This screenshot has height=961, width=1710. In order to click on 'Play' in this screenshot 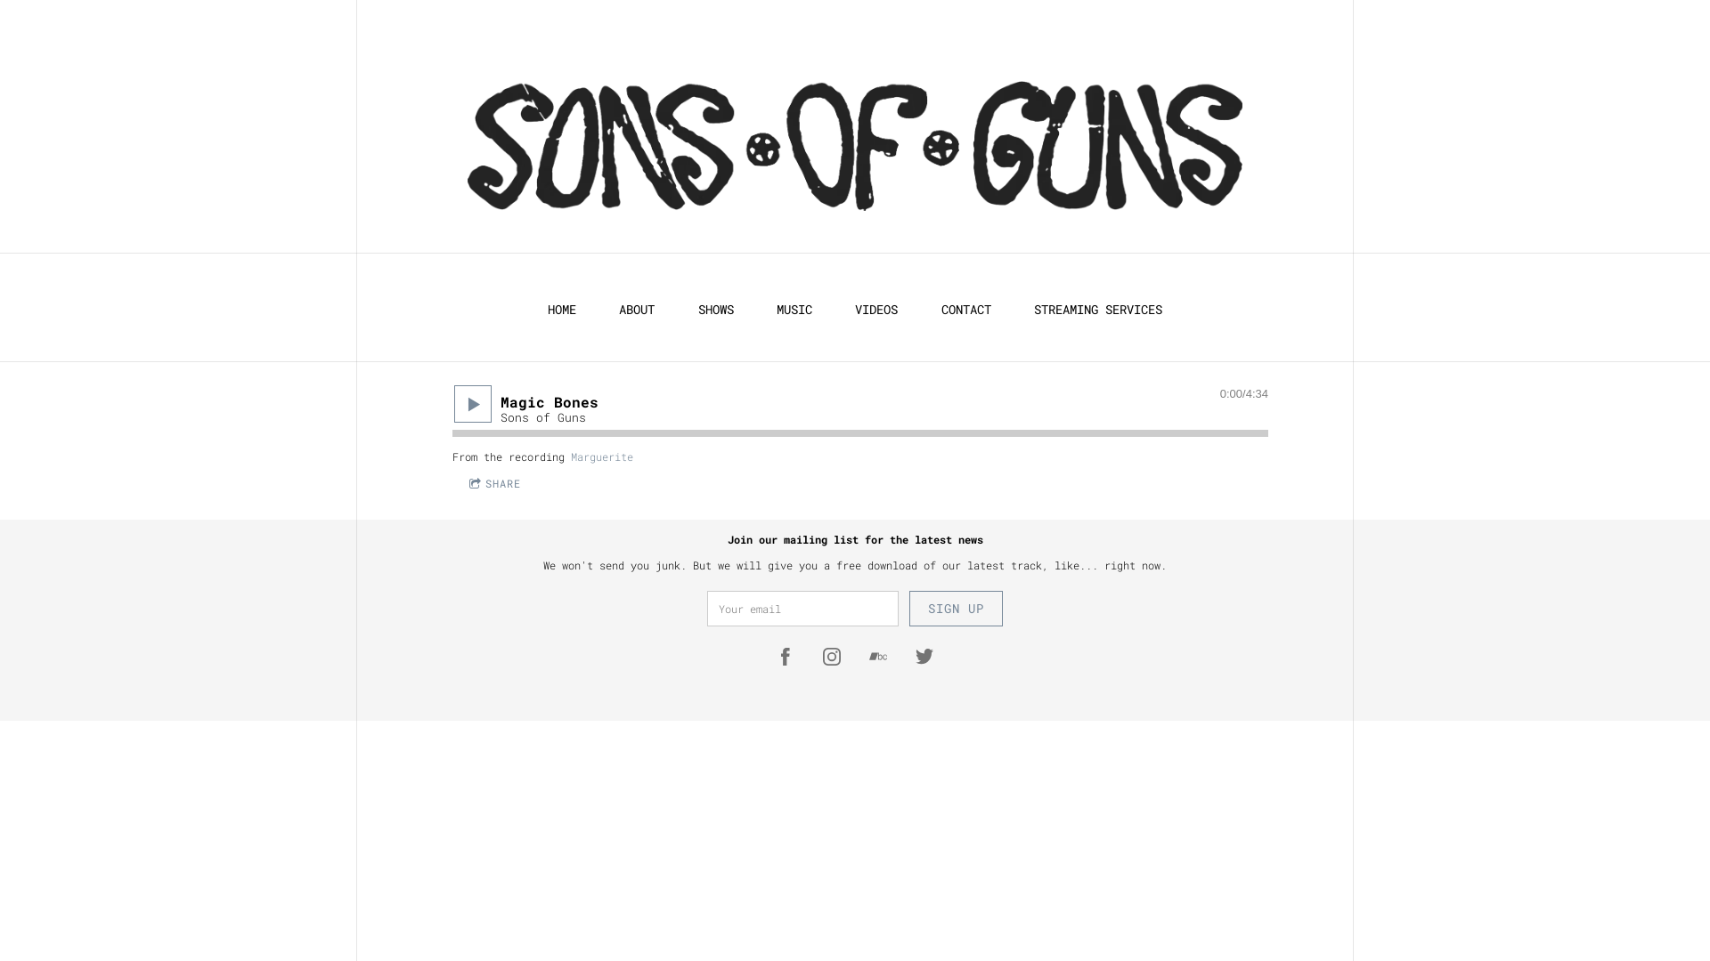, I will do `click(461, 404)`.